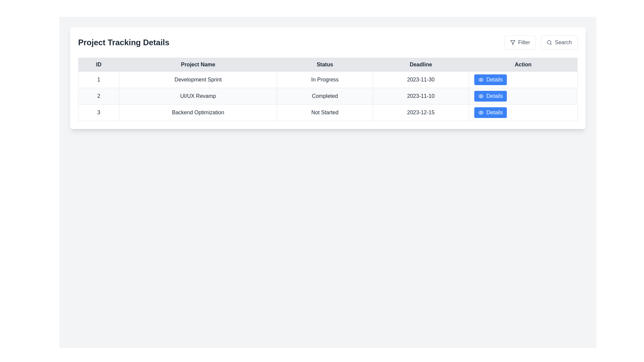 This screenshot has width=644, height=362. I want to click on the button in the 'Action' column of the first row in the 'Project Tracking Details' table for the 'Development Sprint' project, so click(523, 79).